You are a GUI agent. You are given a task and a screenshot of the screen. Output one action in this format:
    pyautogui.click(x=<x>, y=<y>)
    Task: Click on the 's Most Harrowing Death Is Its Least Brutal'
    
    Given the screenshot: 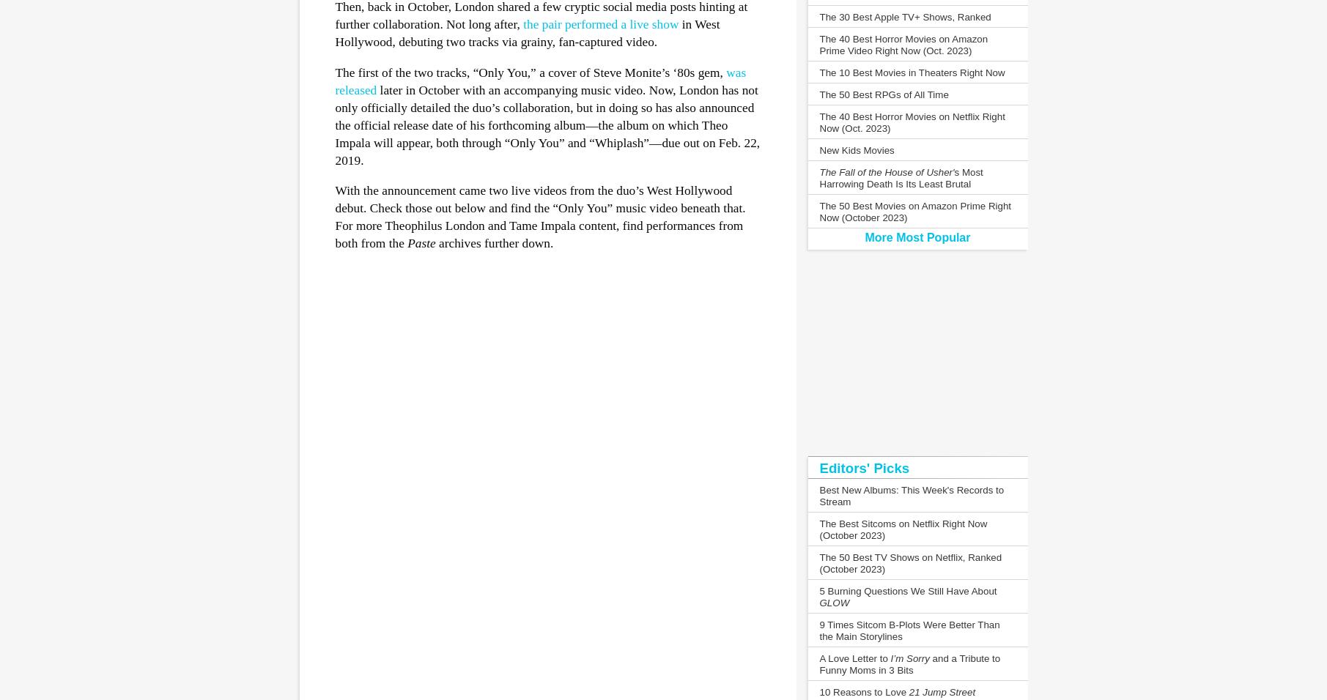 What is the action you would take?
    pyautogui.click(x=901, y=177)
    